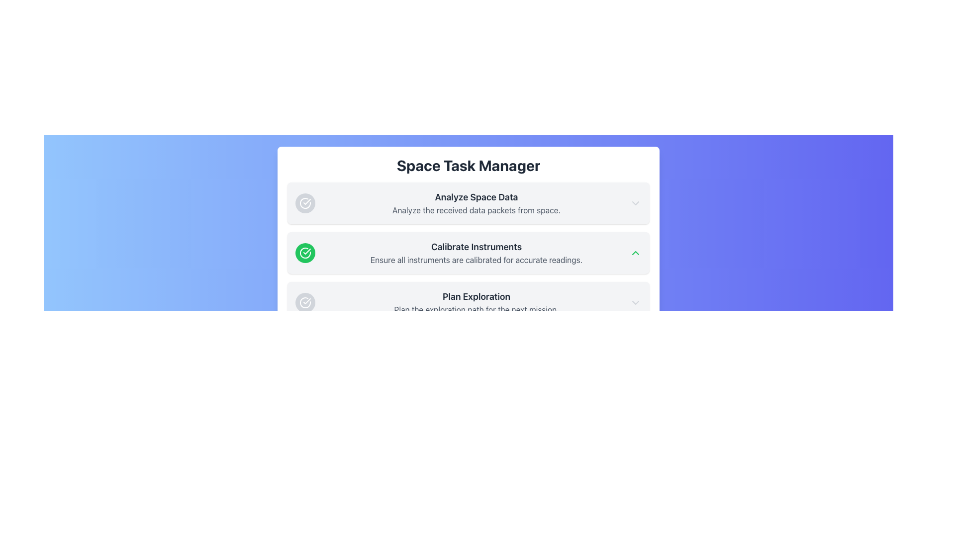 The height and width of the screenshot is (537, 955). I want to click on the 'Calibrate Instruments' expandable panel, so click(468, 256).